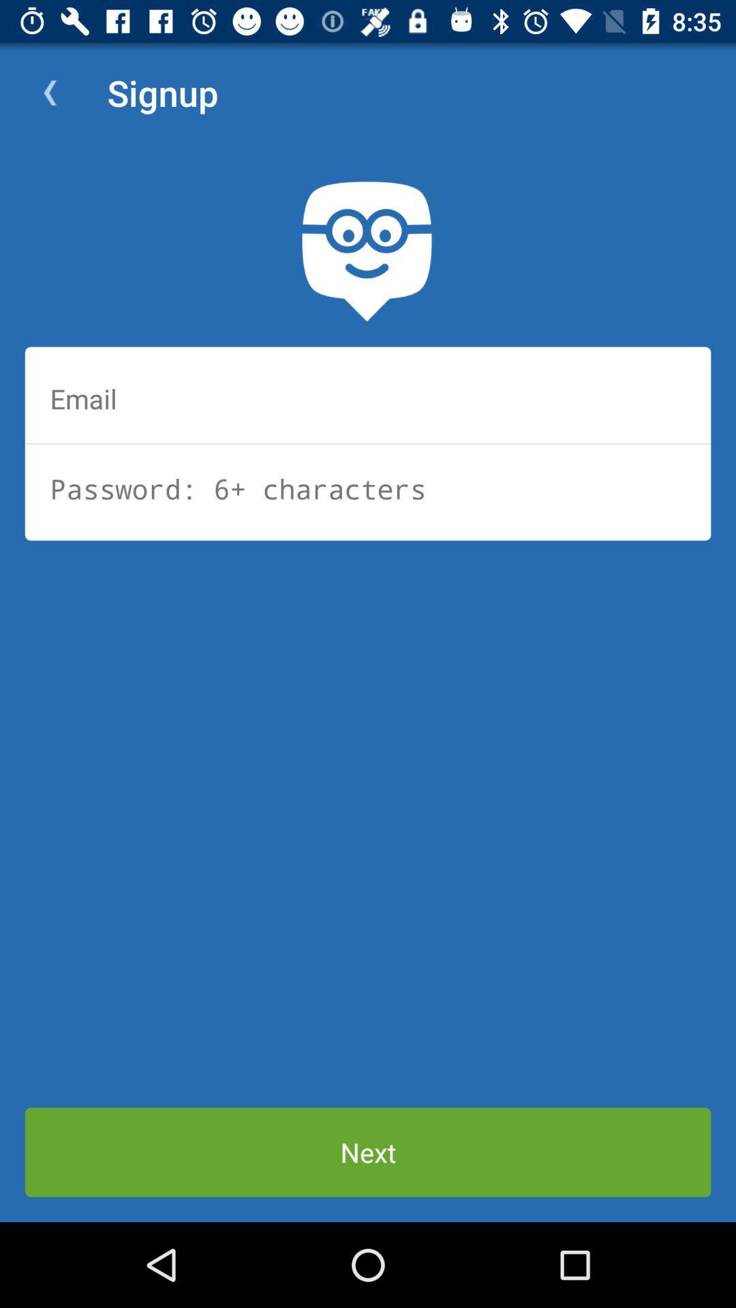 This screenshot has height=1308, width=736. I want to click on app to the left of signup icon, so click(49, 92).